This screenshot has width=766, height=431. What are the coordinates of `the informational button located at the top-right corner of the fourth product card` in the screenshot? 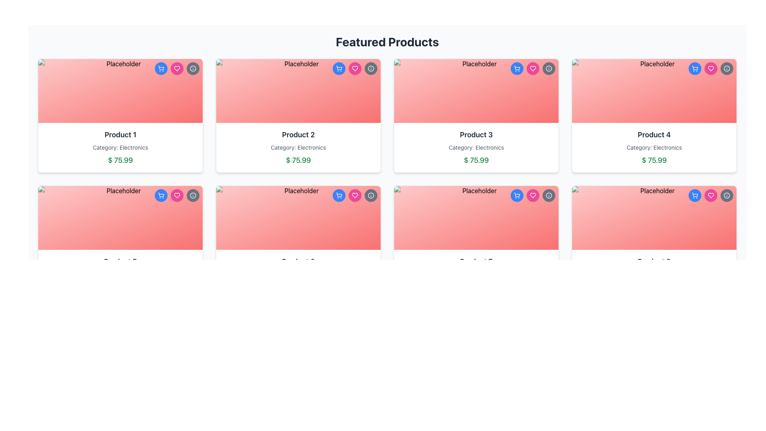 It's located at (727, 68).